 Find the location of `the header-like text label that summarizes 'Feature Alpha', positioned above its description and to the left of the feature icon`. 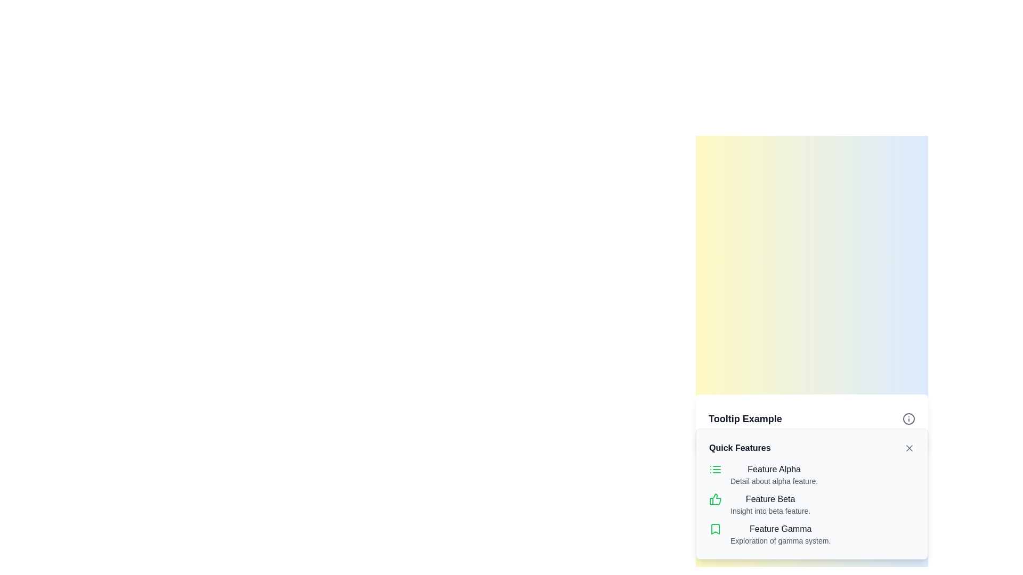

the header-like text label that summarizes 'Feature Alpha', positioned above its description and to the left of the feature icon is located at coordinates (774, 469).